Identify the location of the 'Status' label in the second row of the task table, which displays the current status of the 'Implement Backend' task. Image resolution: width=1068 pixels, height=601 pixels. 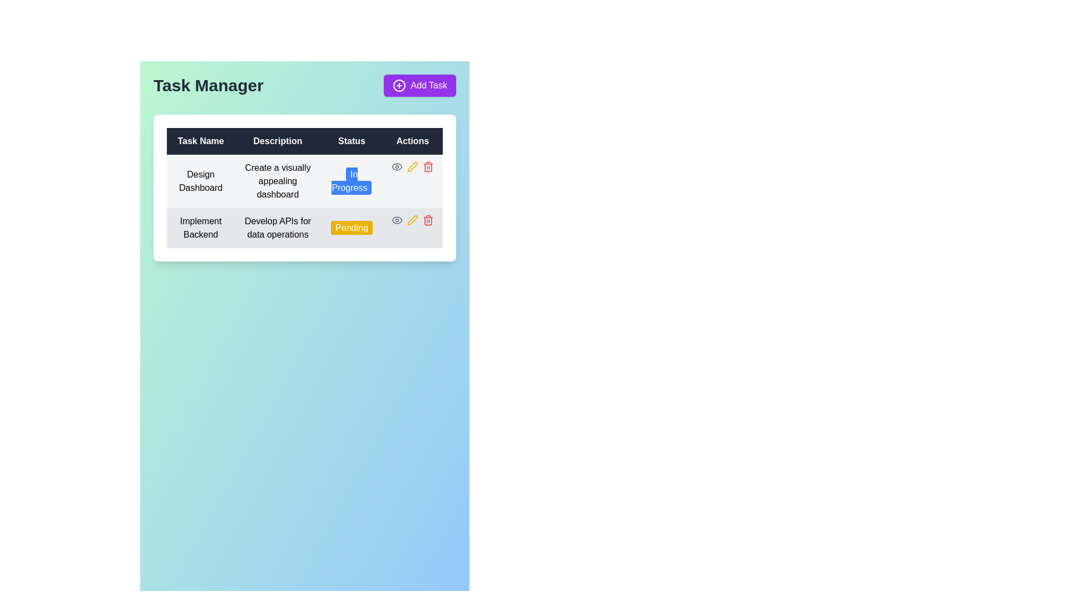
(351, 227).